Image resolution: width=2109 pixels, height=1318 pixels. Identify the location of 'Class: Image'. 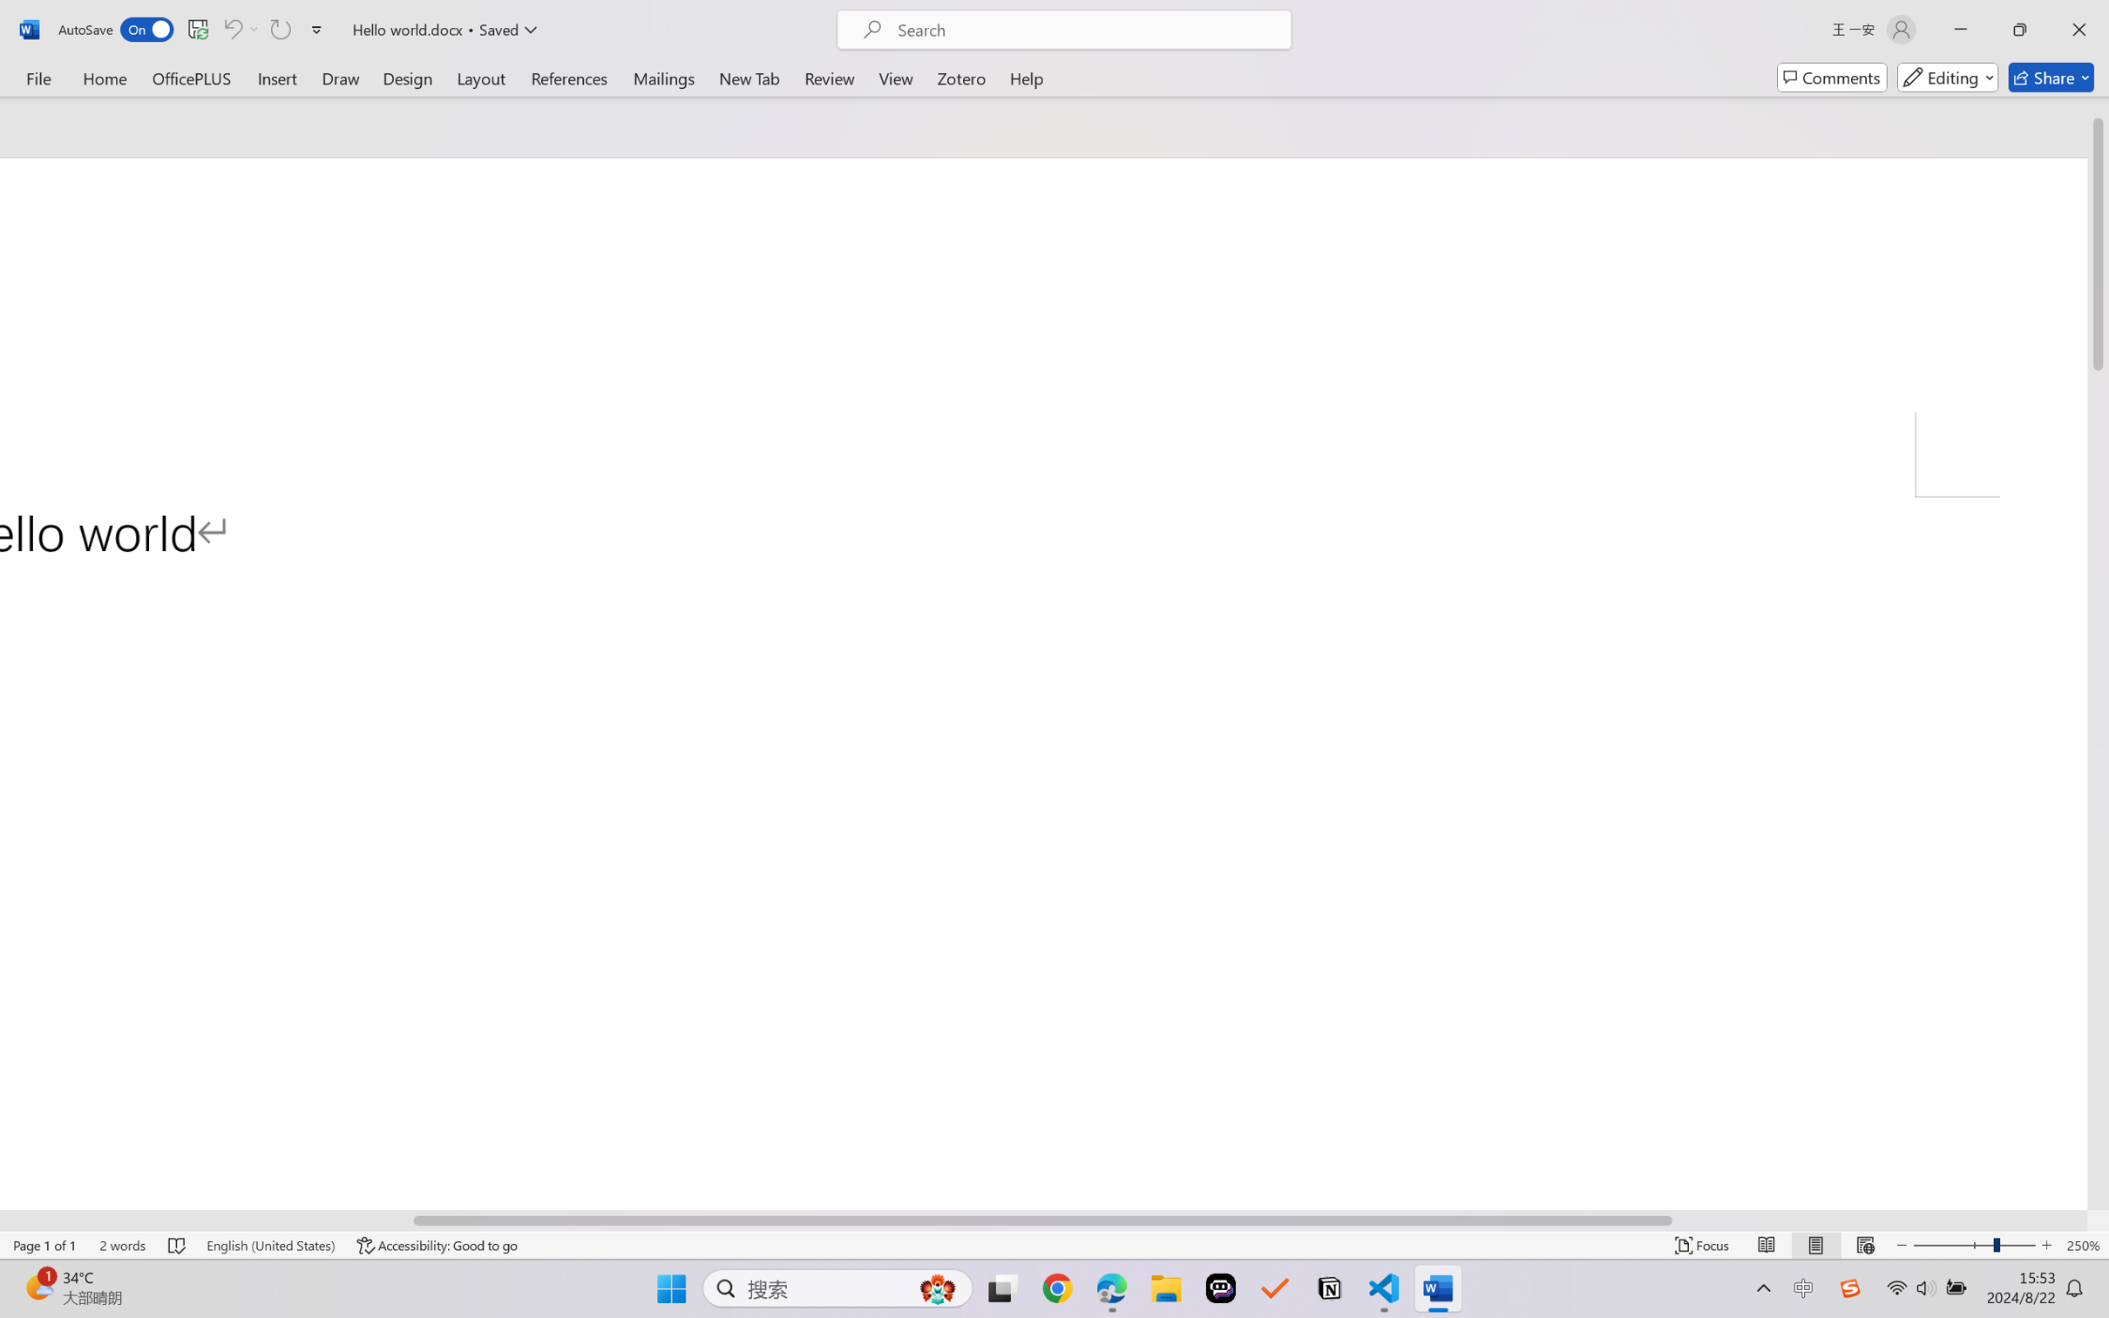
(1849, 1288).